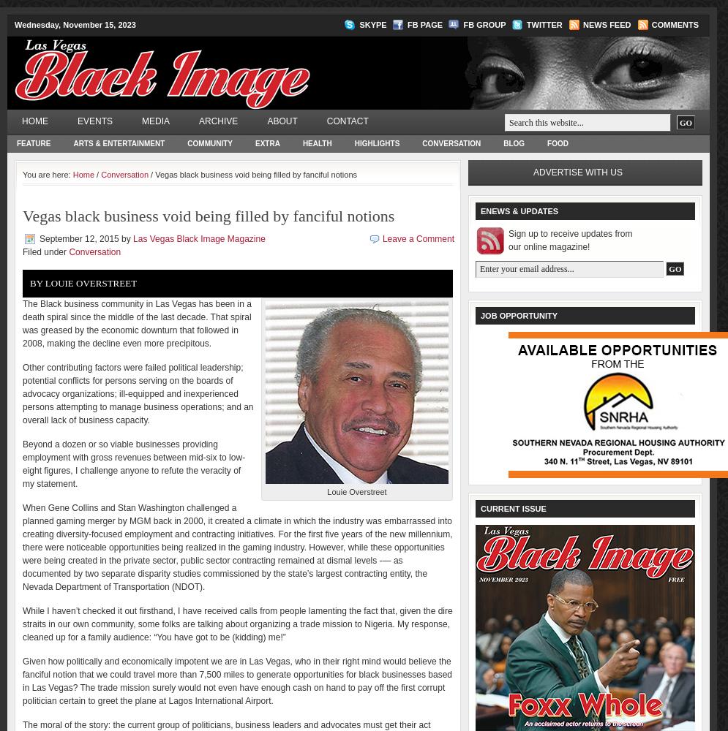 The width and height of the screenshot is (728, 731). I want to click on 'Beyond a dozen or so viable businesses providing employment with gross revenues between mid-six to low-eight figures, I challenge anyone to refute the veracity of my statement.', so click(133, 464).